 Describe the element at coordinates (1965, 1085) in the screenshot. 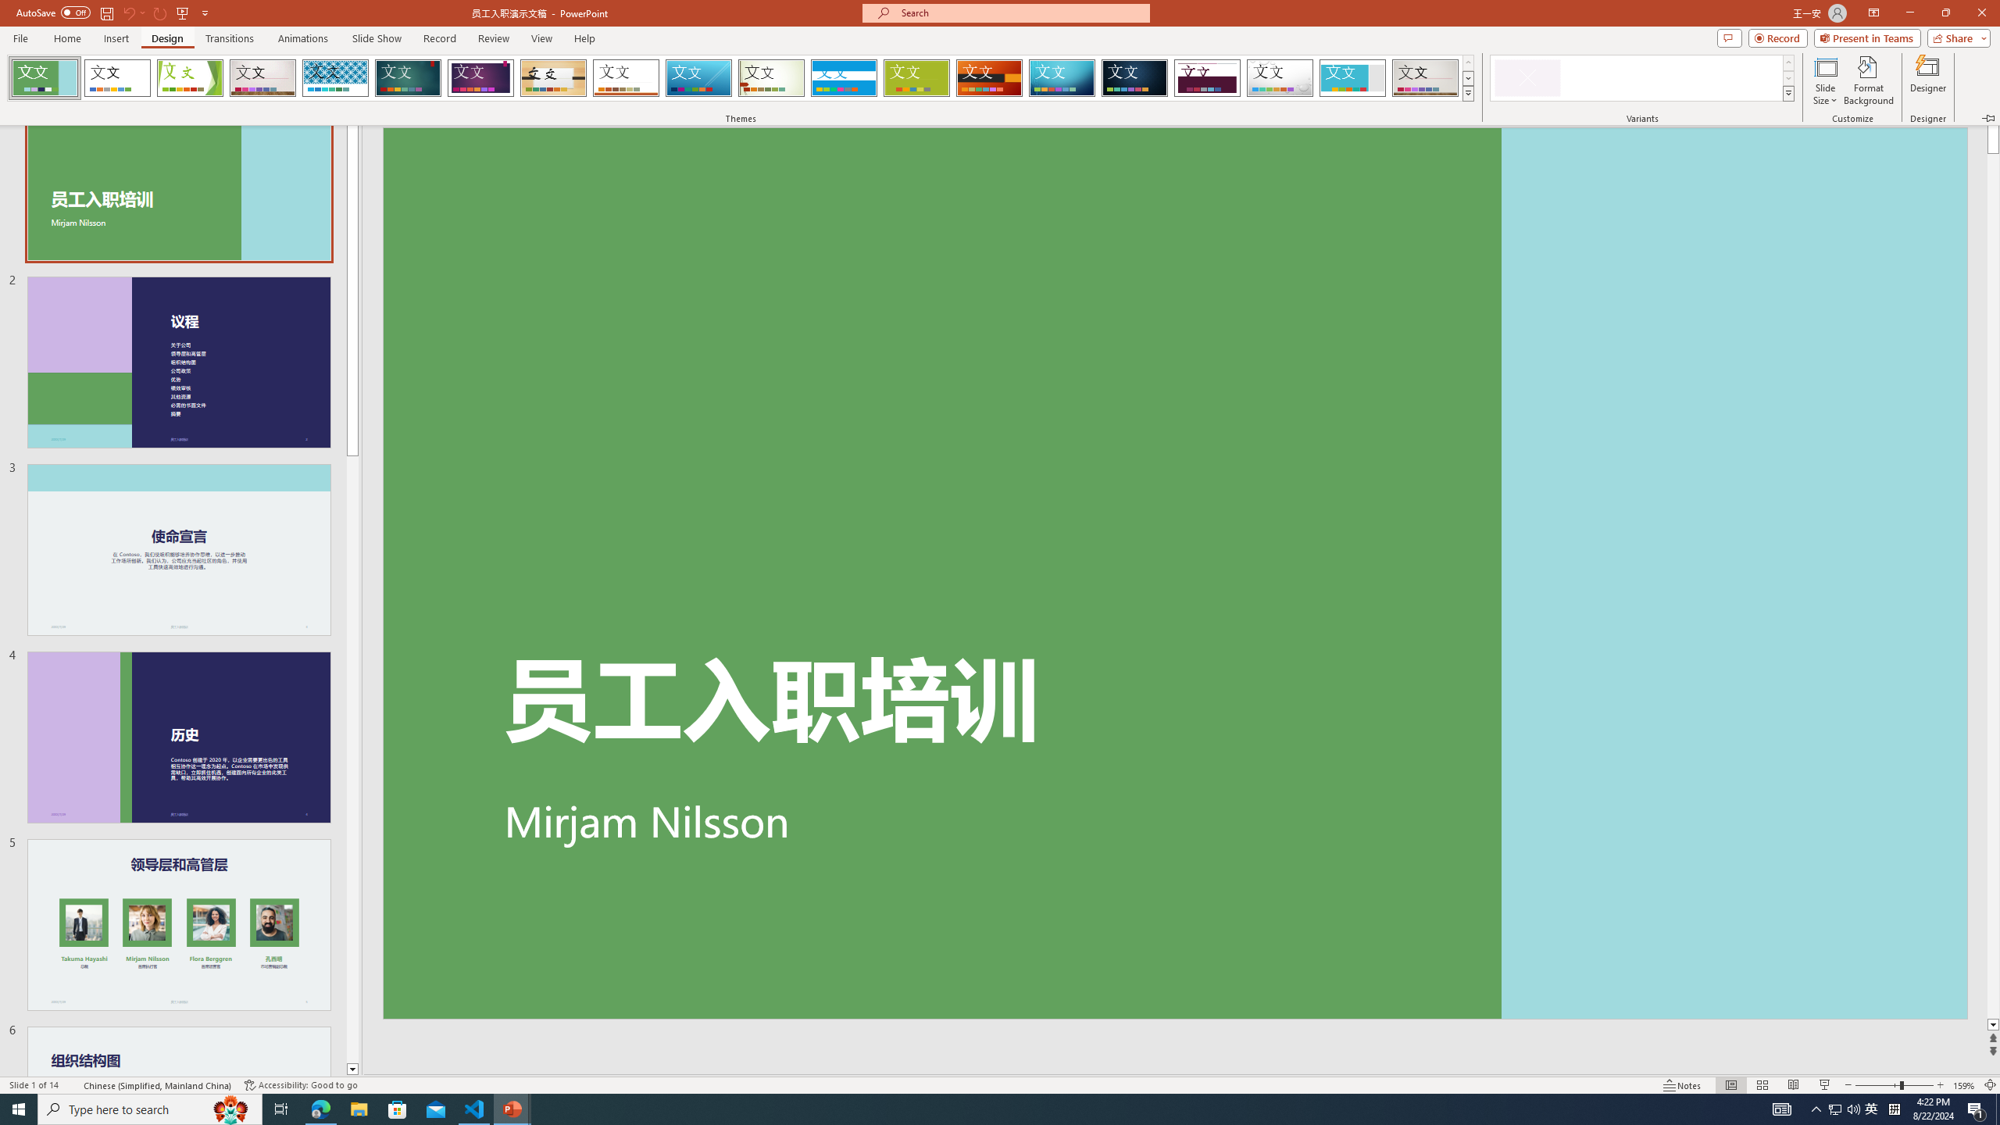

I see `'Zoom 159%'` at that location.